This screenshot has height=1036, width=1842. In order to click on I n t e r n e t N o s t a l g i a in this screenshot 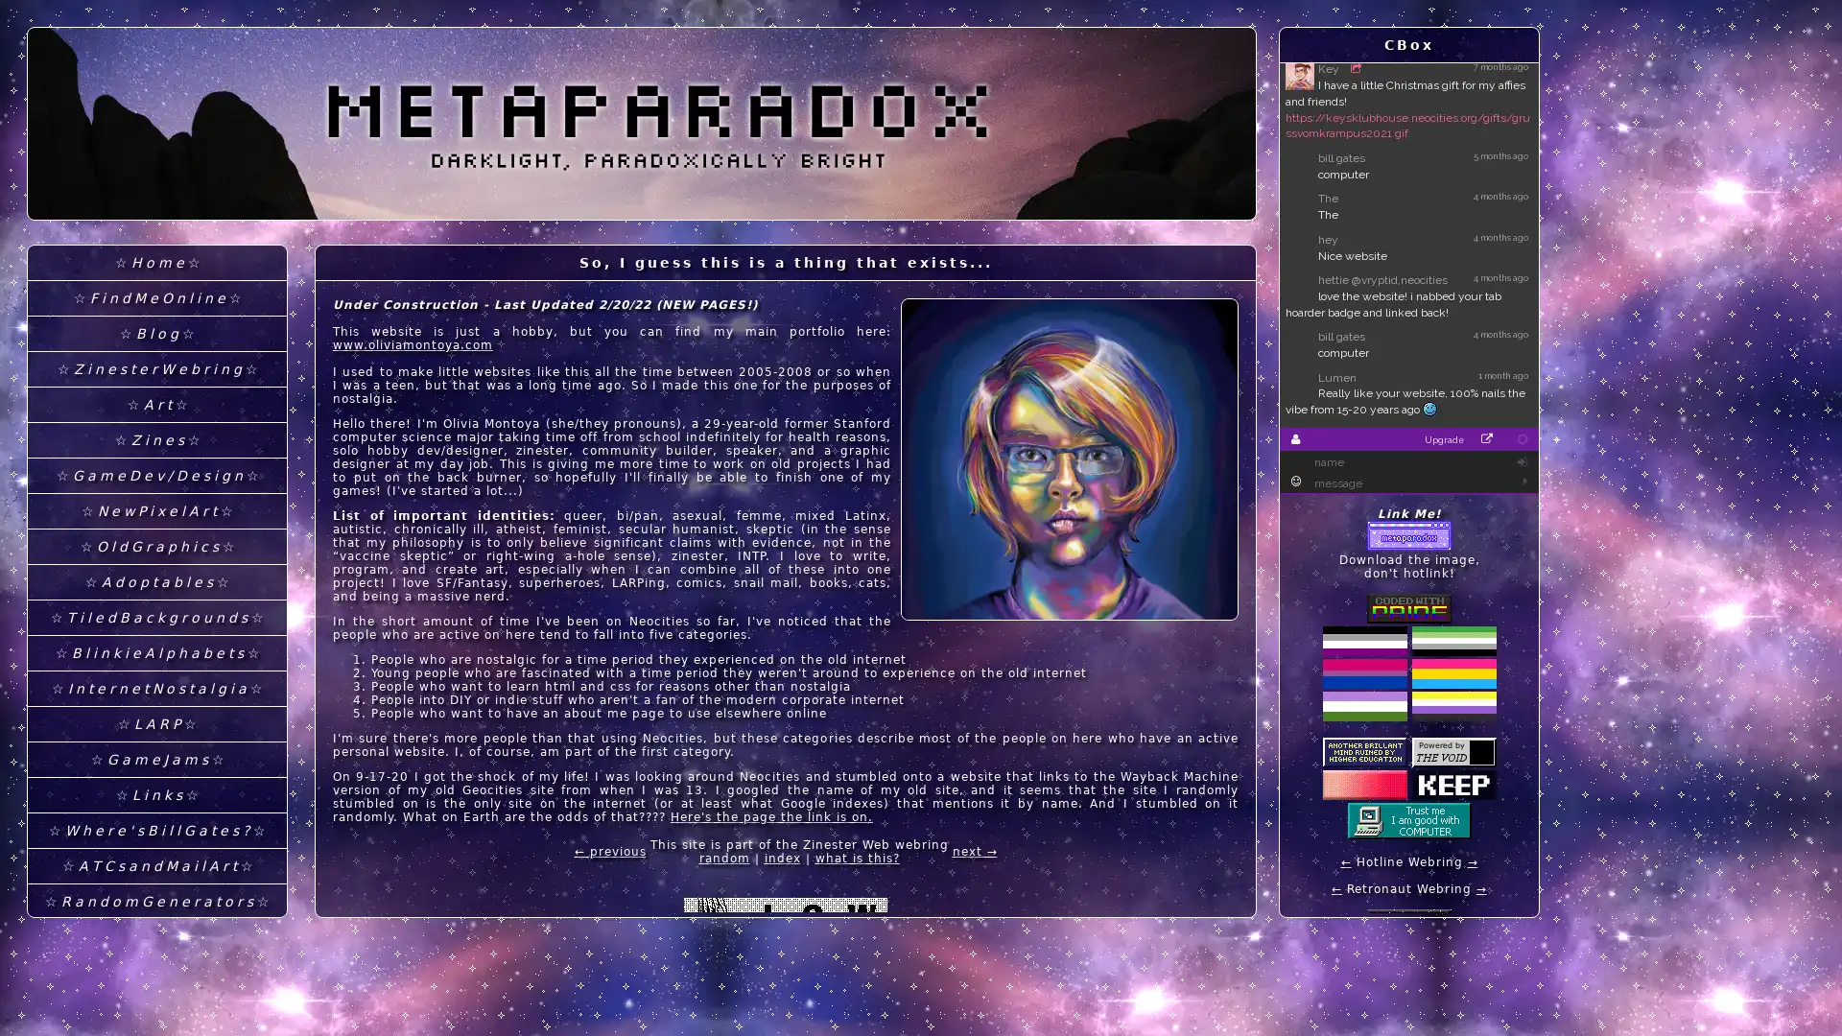, I will do `click(156, 688)`.